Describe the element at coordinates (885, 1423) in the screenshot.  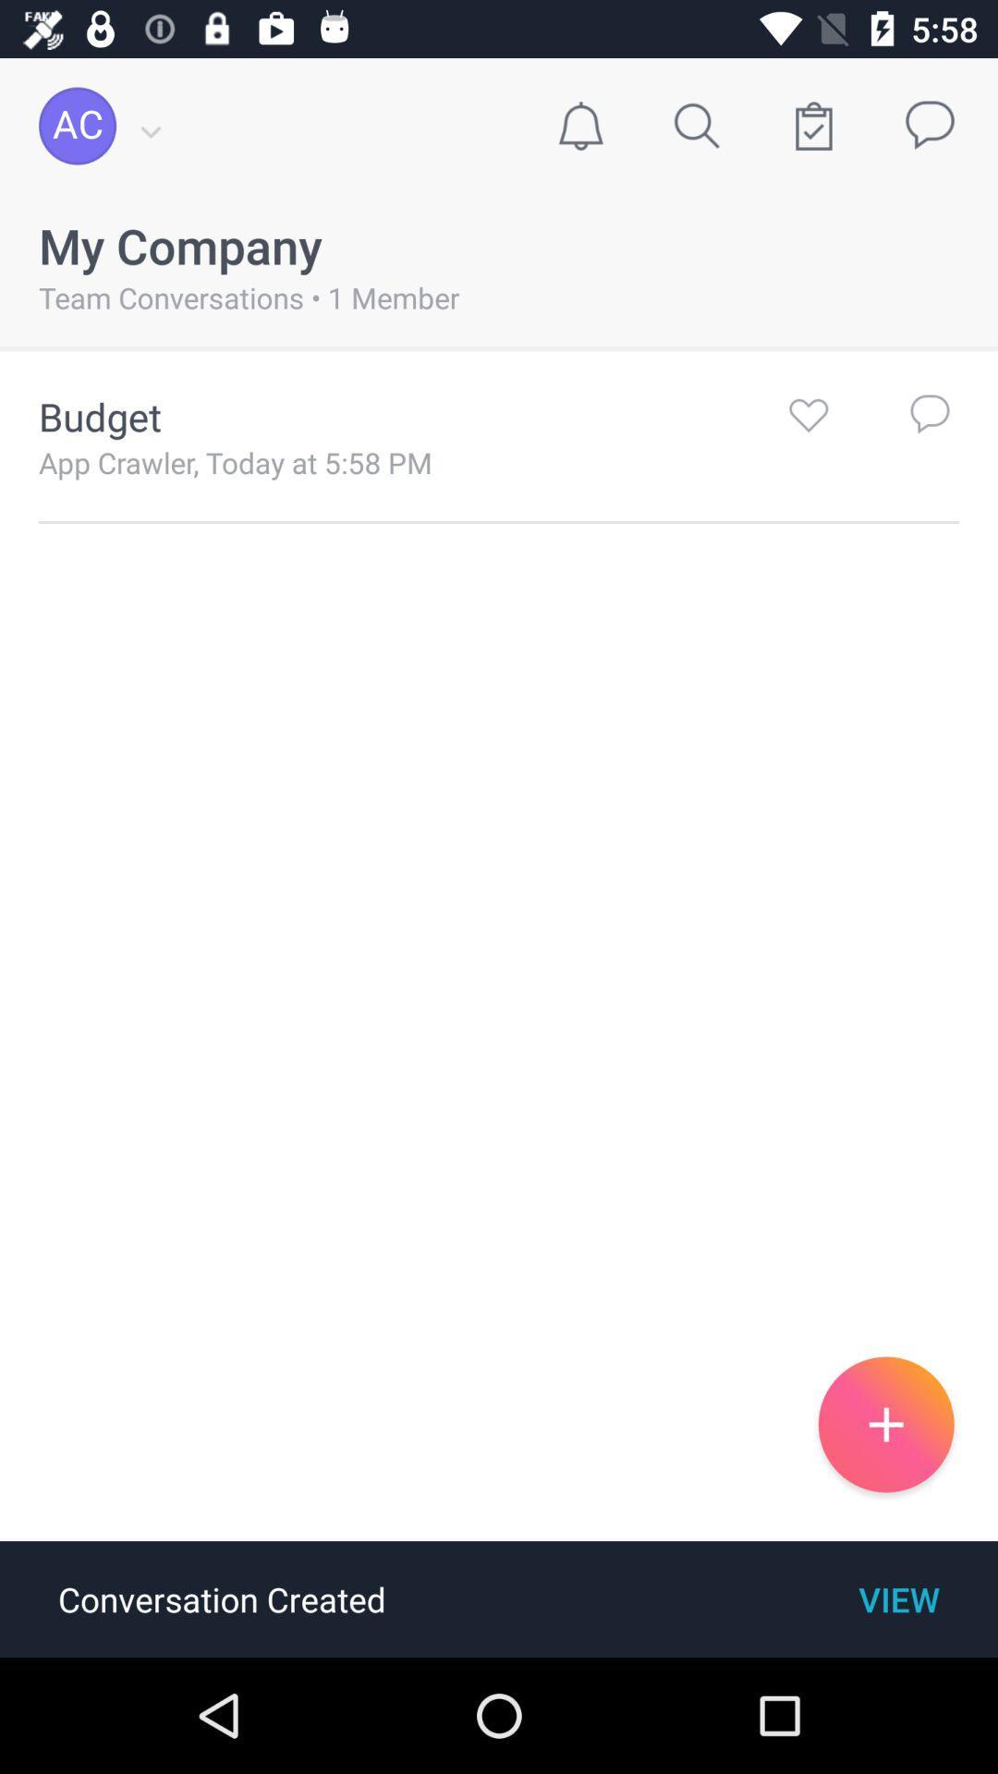
I see `the add icon` at that location.